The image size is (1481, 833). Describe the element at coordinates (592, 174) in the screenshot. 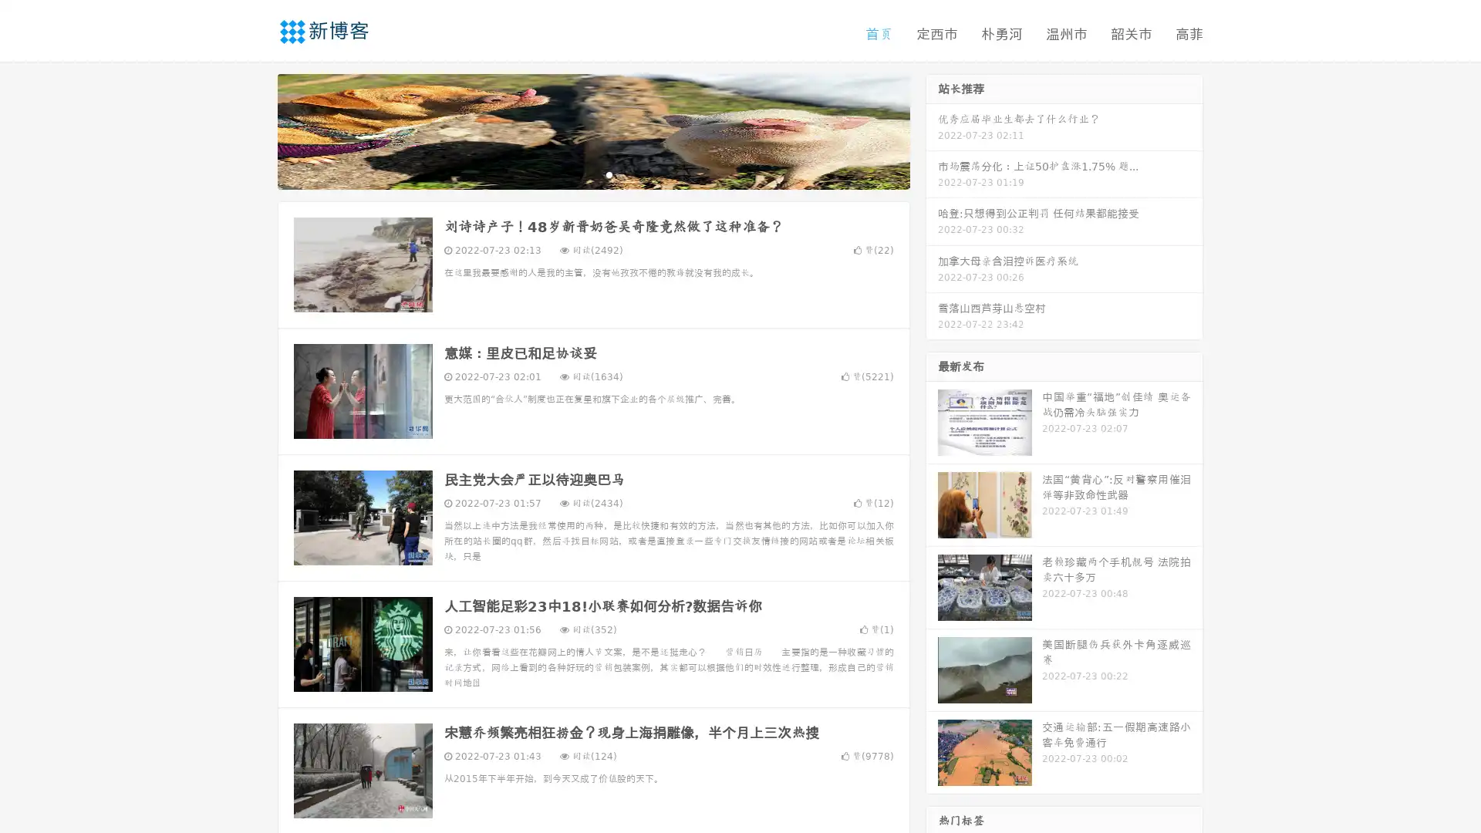

I see `Go to slide 2` at that location.